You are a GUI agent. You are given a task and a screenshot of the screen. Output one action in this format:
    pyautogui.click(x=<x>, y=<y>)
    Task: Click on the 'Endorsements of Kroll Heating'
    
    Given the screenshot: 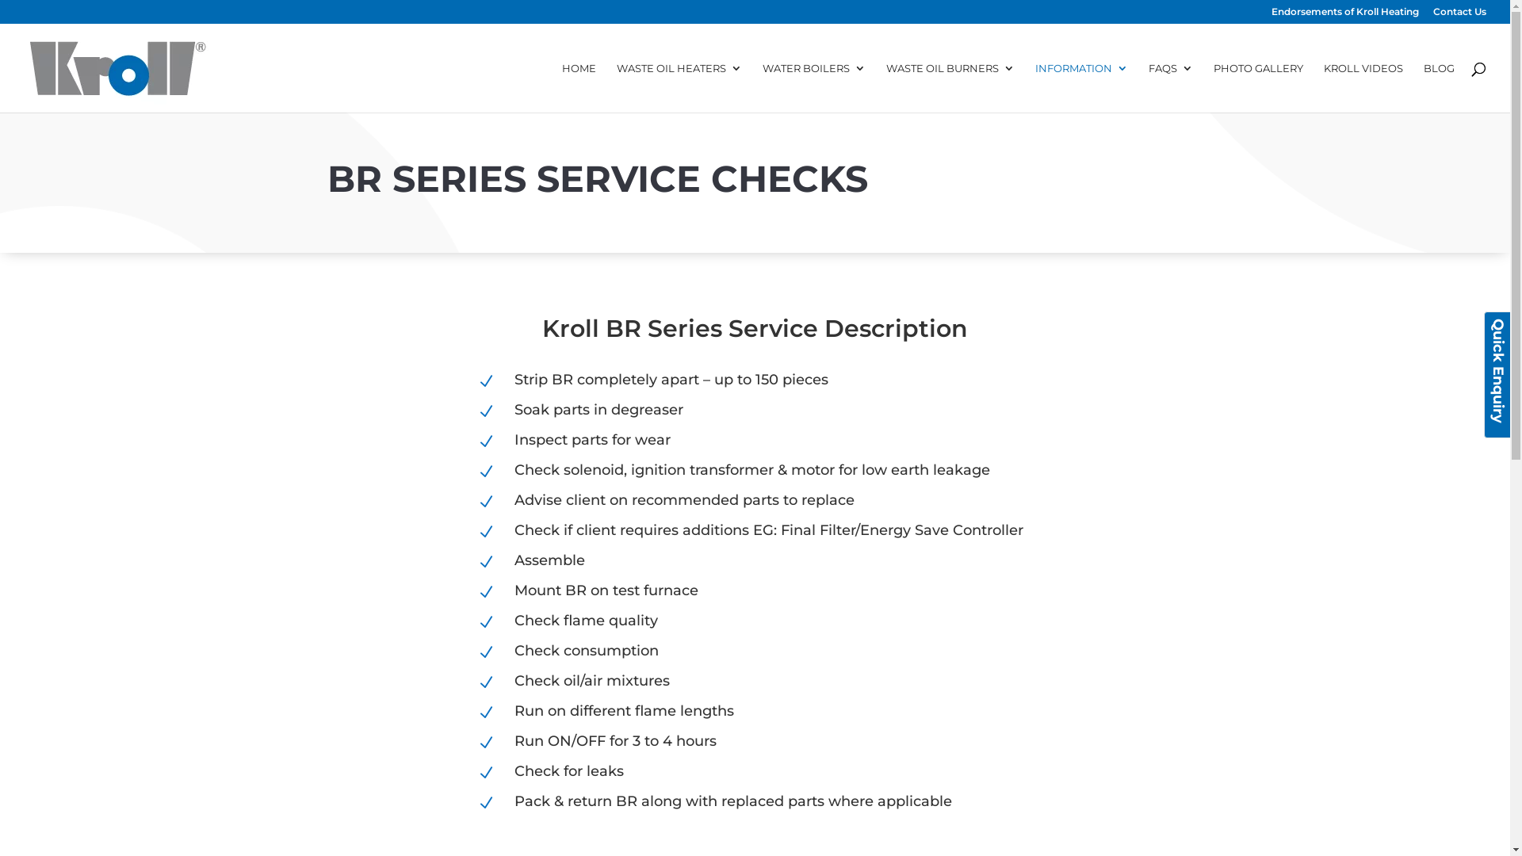 What is the action you would take?
    pyautogui.click(x=1344, y=15)
    